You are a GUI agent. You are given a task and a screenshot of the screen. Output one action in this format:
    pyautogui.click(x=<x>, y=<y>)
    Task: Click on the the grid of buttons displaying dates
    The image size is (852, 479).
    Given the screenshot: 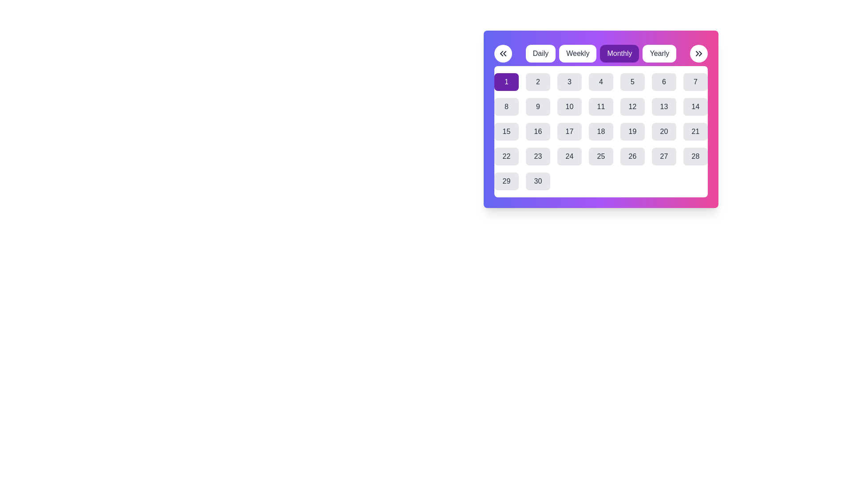 What is the action you would take?
    pyautogui.click(x=601, y=132)
    